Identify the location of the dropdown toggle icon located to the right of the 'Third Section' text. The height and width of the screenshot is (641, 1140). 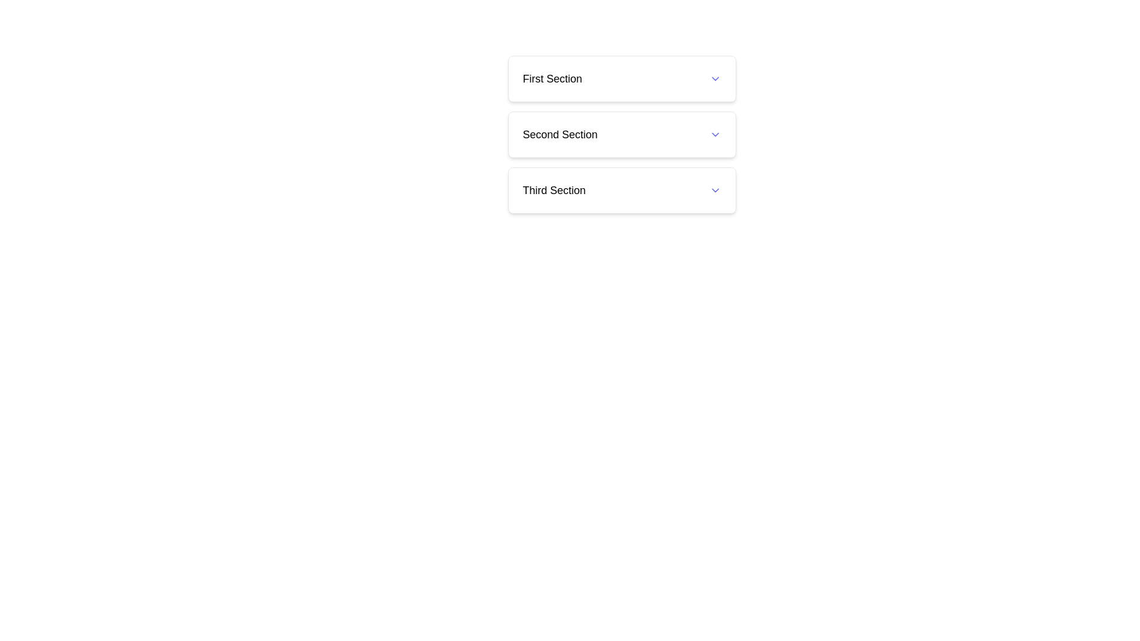
(714, 189).